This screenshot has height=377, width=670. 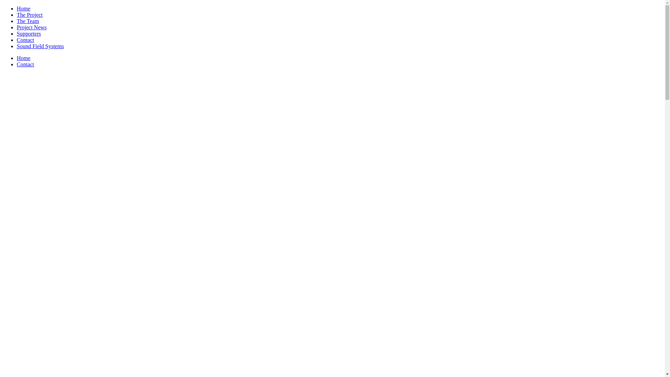 What do you see at coordinates (17, 58) in the screenshot?
I see `'Home'` at bounding box center [17, 58].